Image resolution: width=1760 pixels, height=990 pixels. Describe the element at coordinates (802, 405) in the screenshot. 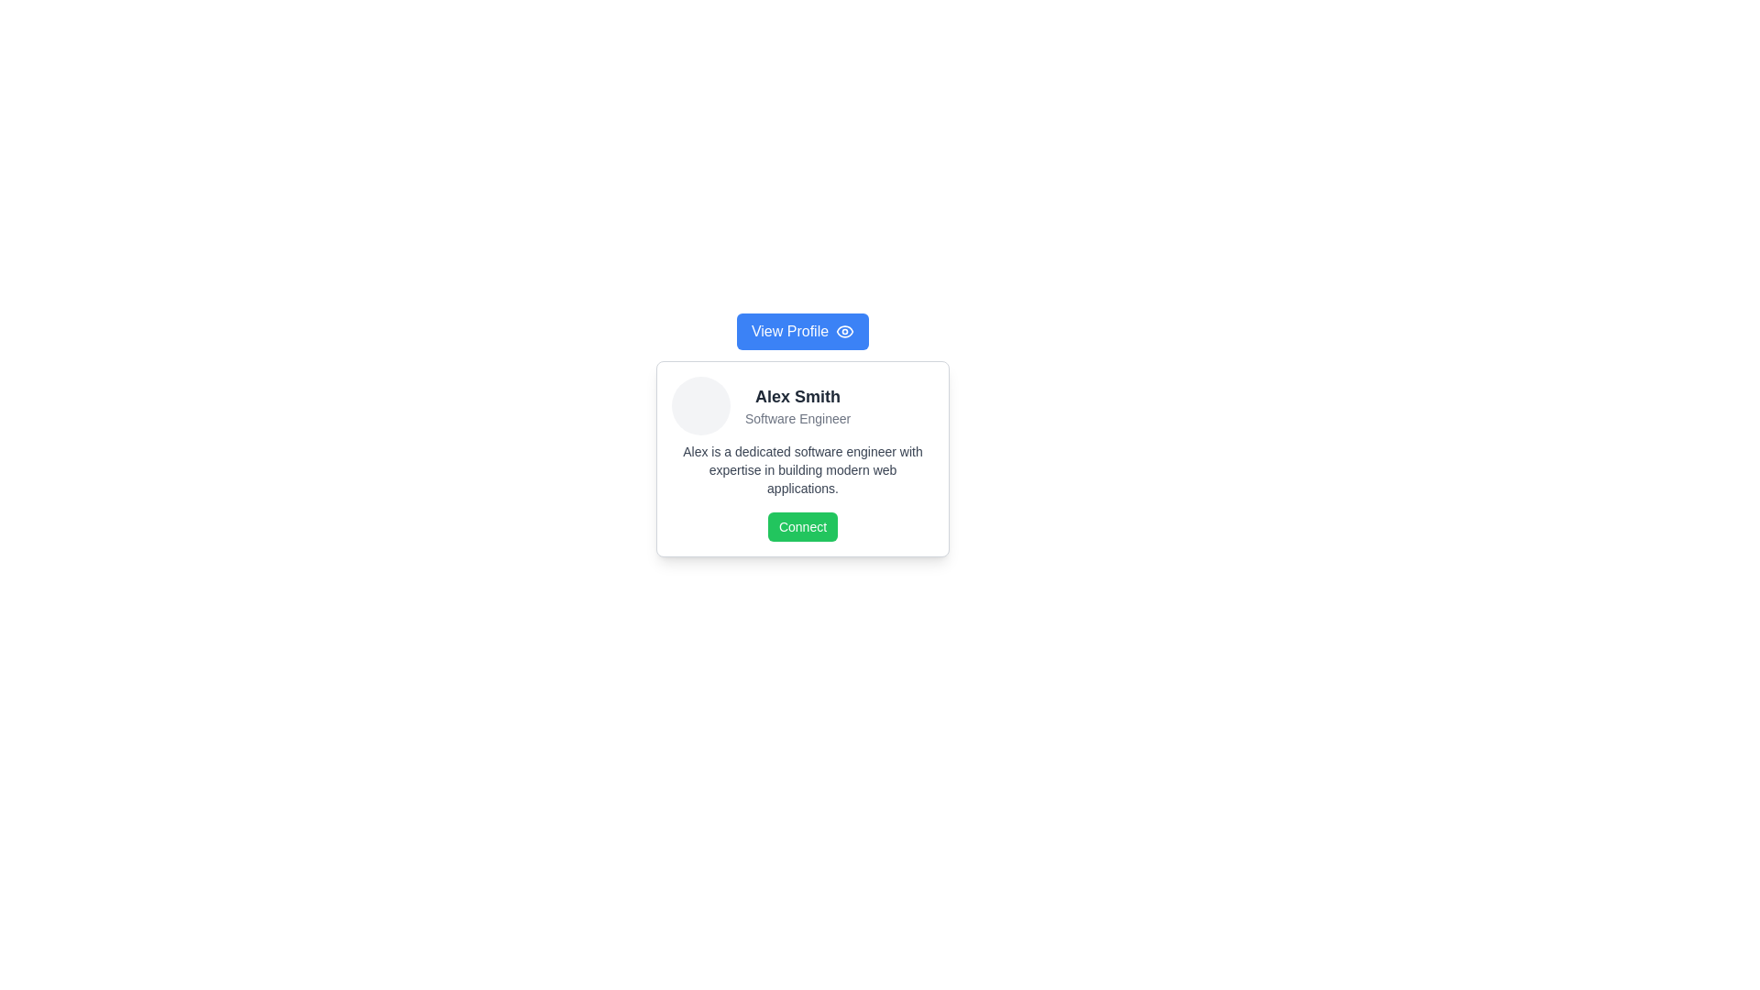

I see `the Profile header displaying the name 'Alex Smith' and role 'Software Engineer' to read the text` at that location.